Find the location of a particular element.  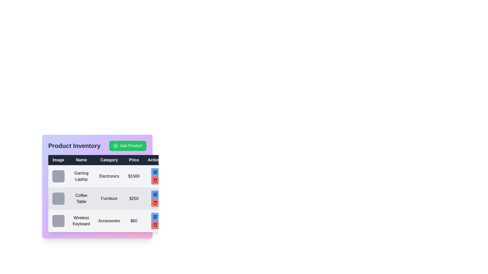

the edit icon button located in the 'Actions' column of the 'Coffee Table' product entry to initiate an edit action is located at coordinates (155, 194).